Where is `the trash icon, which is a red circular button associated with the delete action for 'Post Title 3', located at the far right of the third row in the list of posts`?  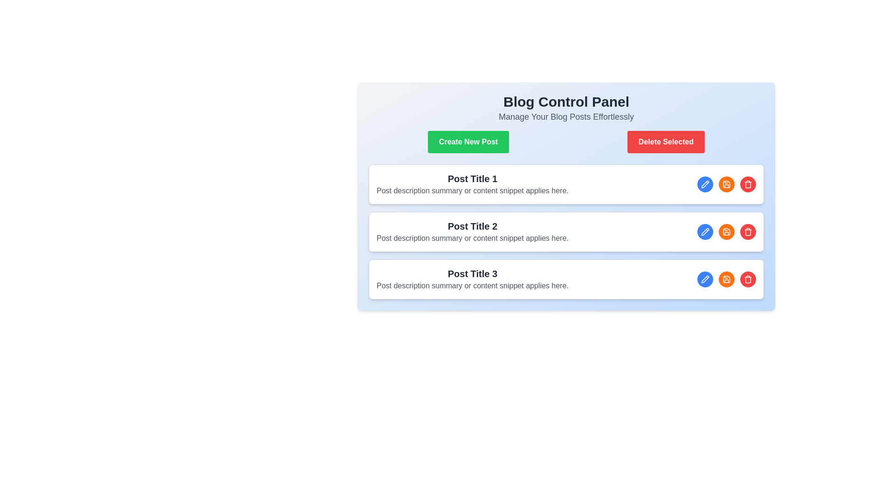 the trash icon, which is a red circular button associated with the delete action for 'Post Title 3', located at the far right of the third row in the list of posts is located at coordinates (748, 185).